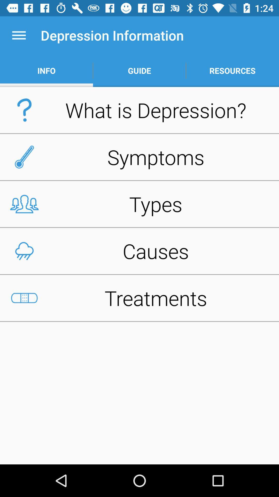 This screenshot has width=279, height=497. What do you see at coordinates (19, 35) in the screenshot?
I see `app above info item` at bounding box center [19, 35].